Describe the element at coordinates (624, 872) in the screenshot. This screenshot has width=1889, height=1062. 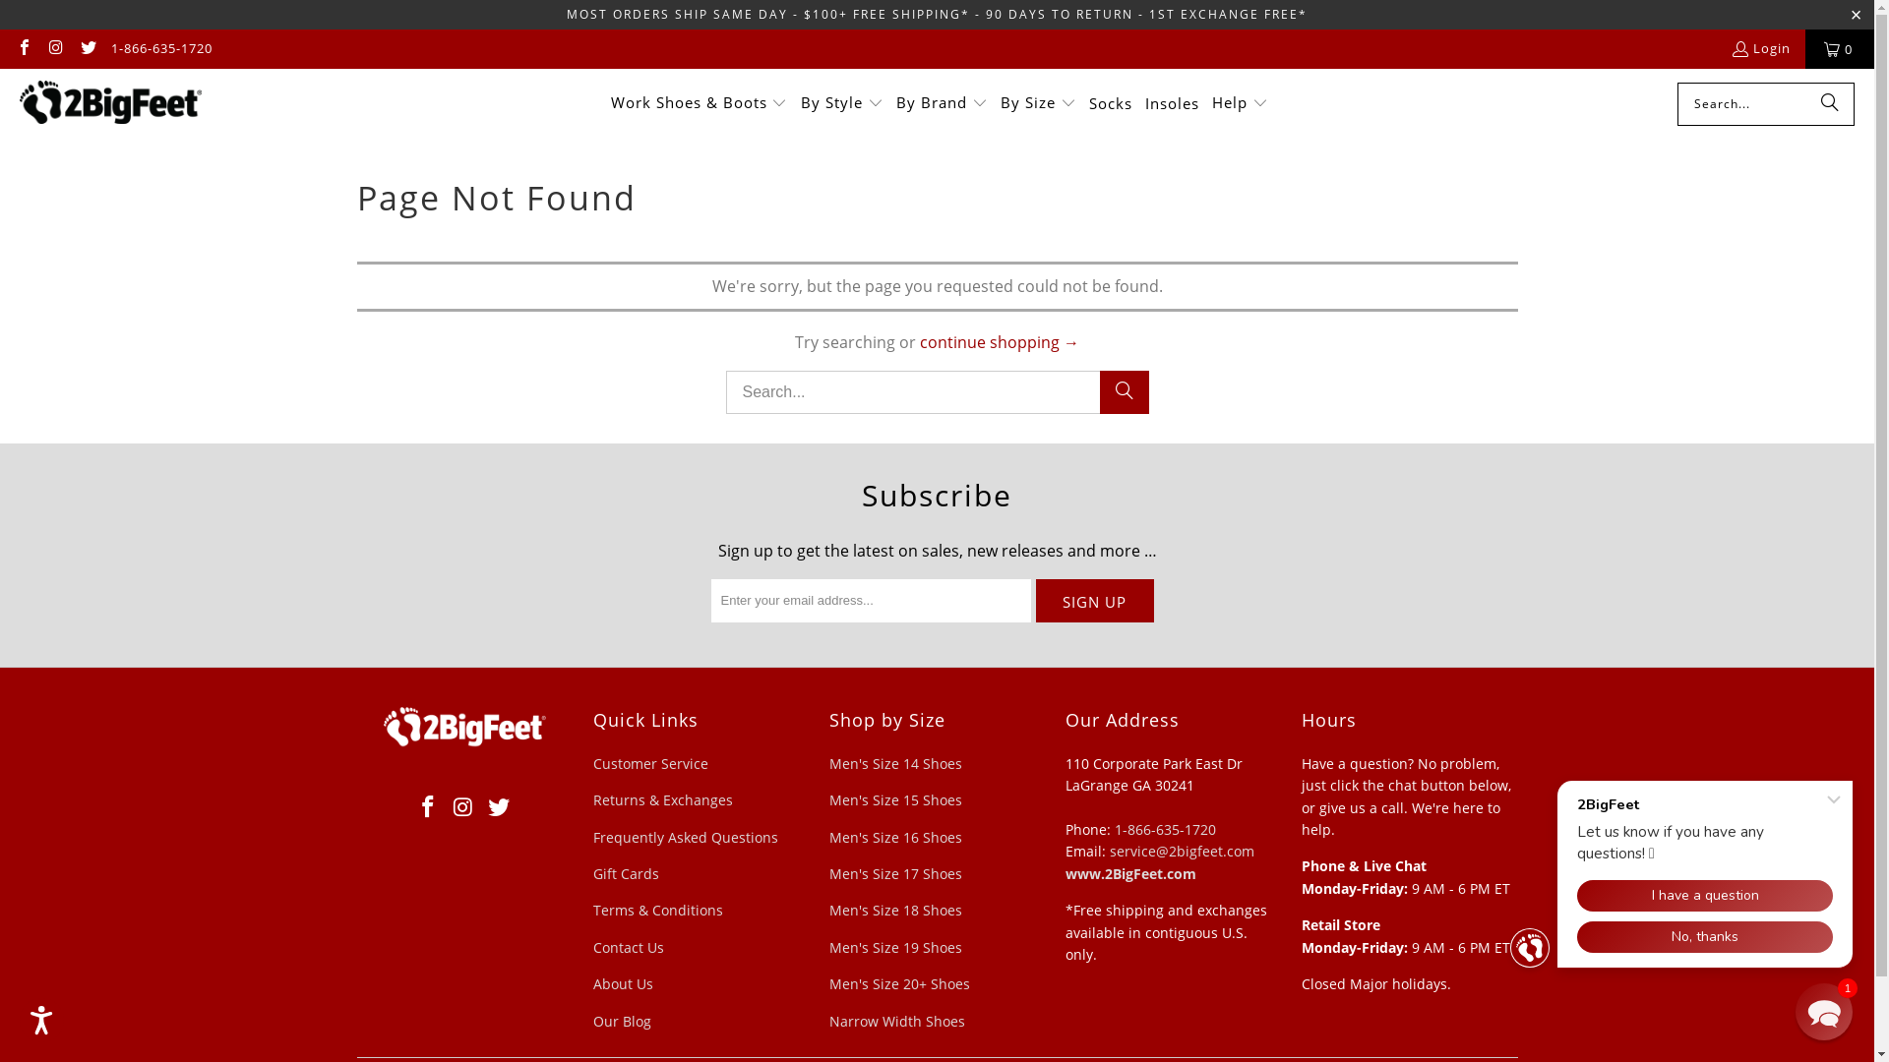
I see `'Gift Cards'` at that location.